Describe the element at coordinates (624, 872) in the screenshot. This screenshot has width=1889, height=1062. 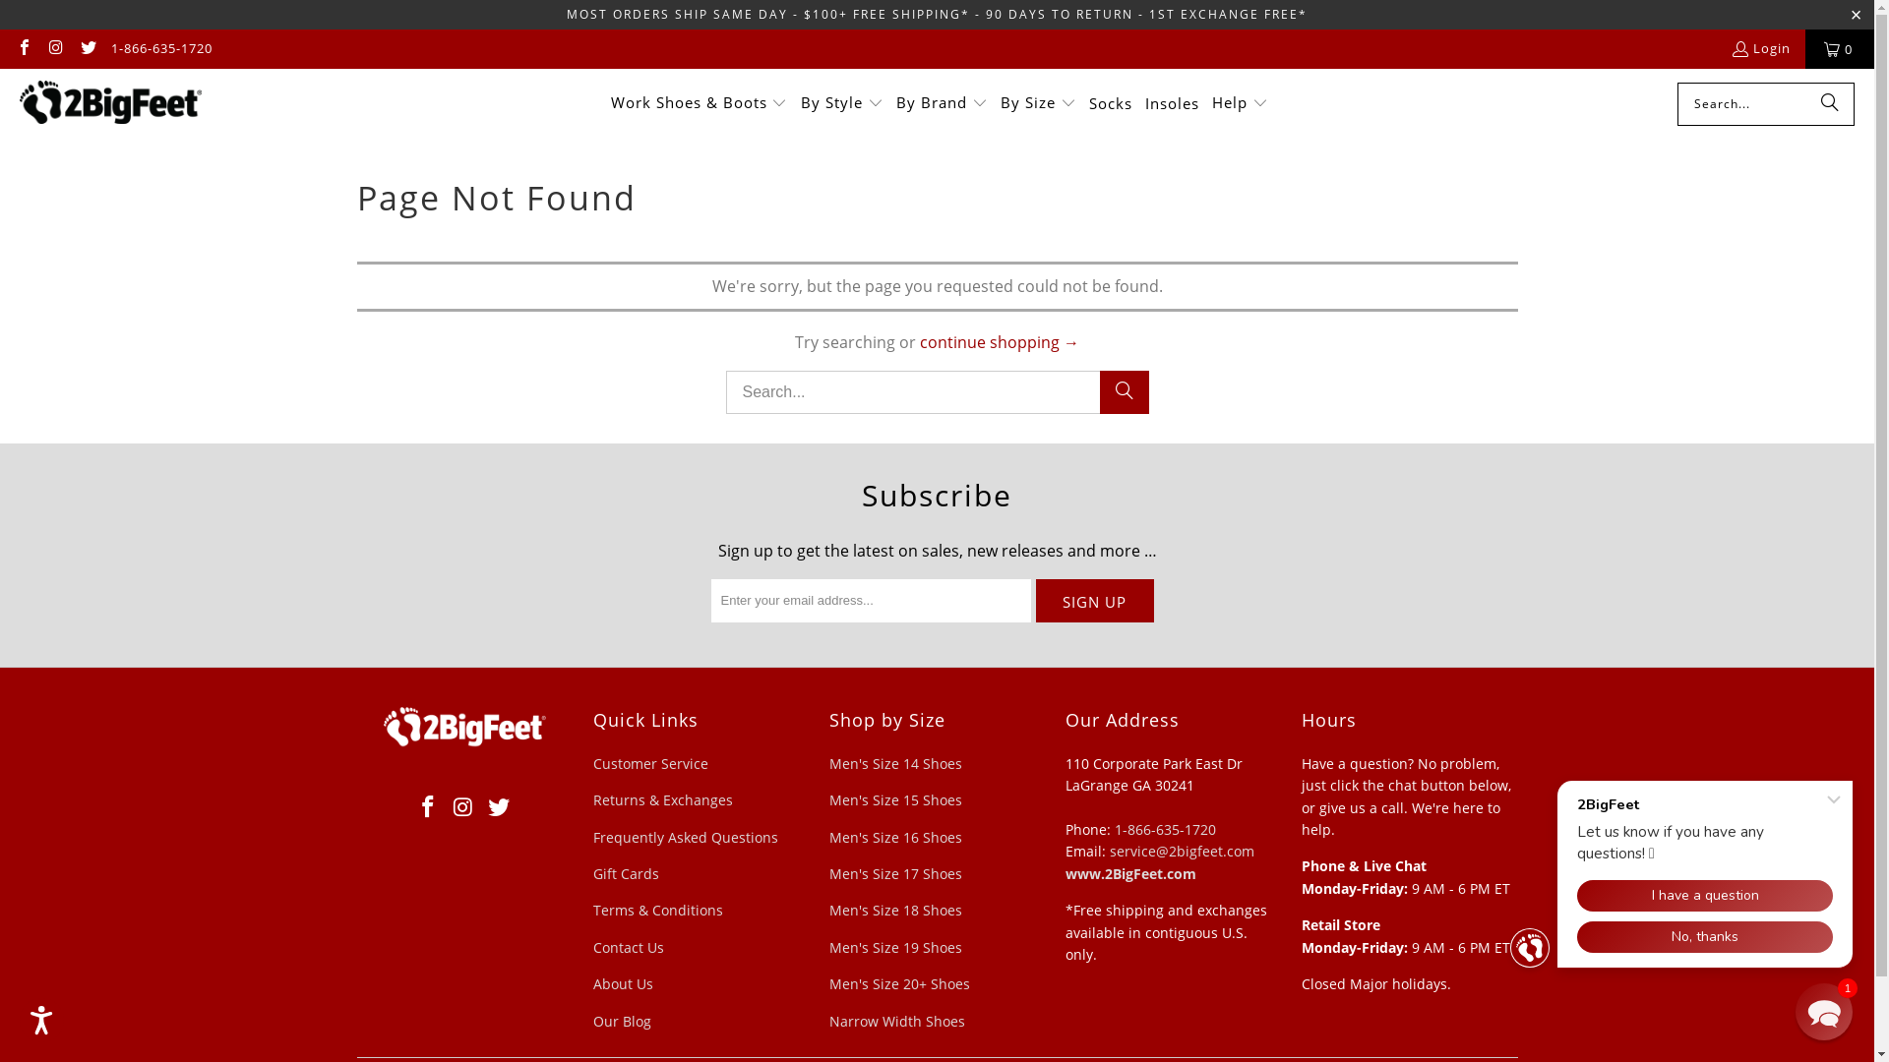
I see `'Gift Cards'` at that location.